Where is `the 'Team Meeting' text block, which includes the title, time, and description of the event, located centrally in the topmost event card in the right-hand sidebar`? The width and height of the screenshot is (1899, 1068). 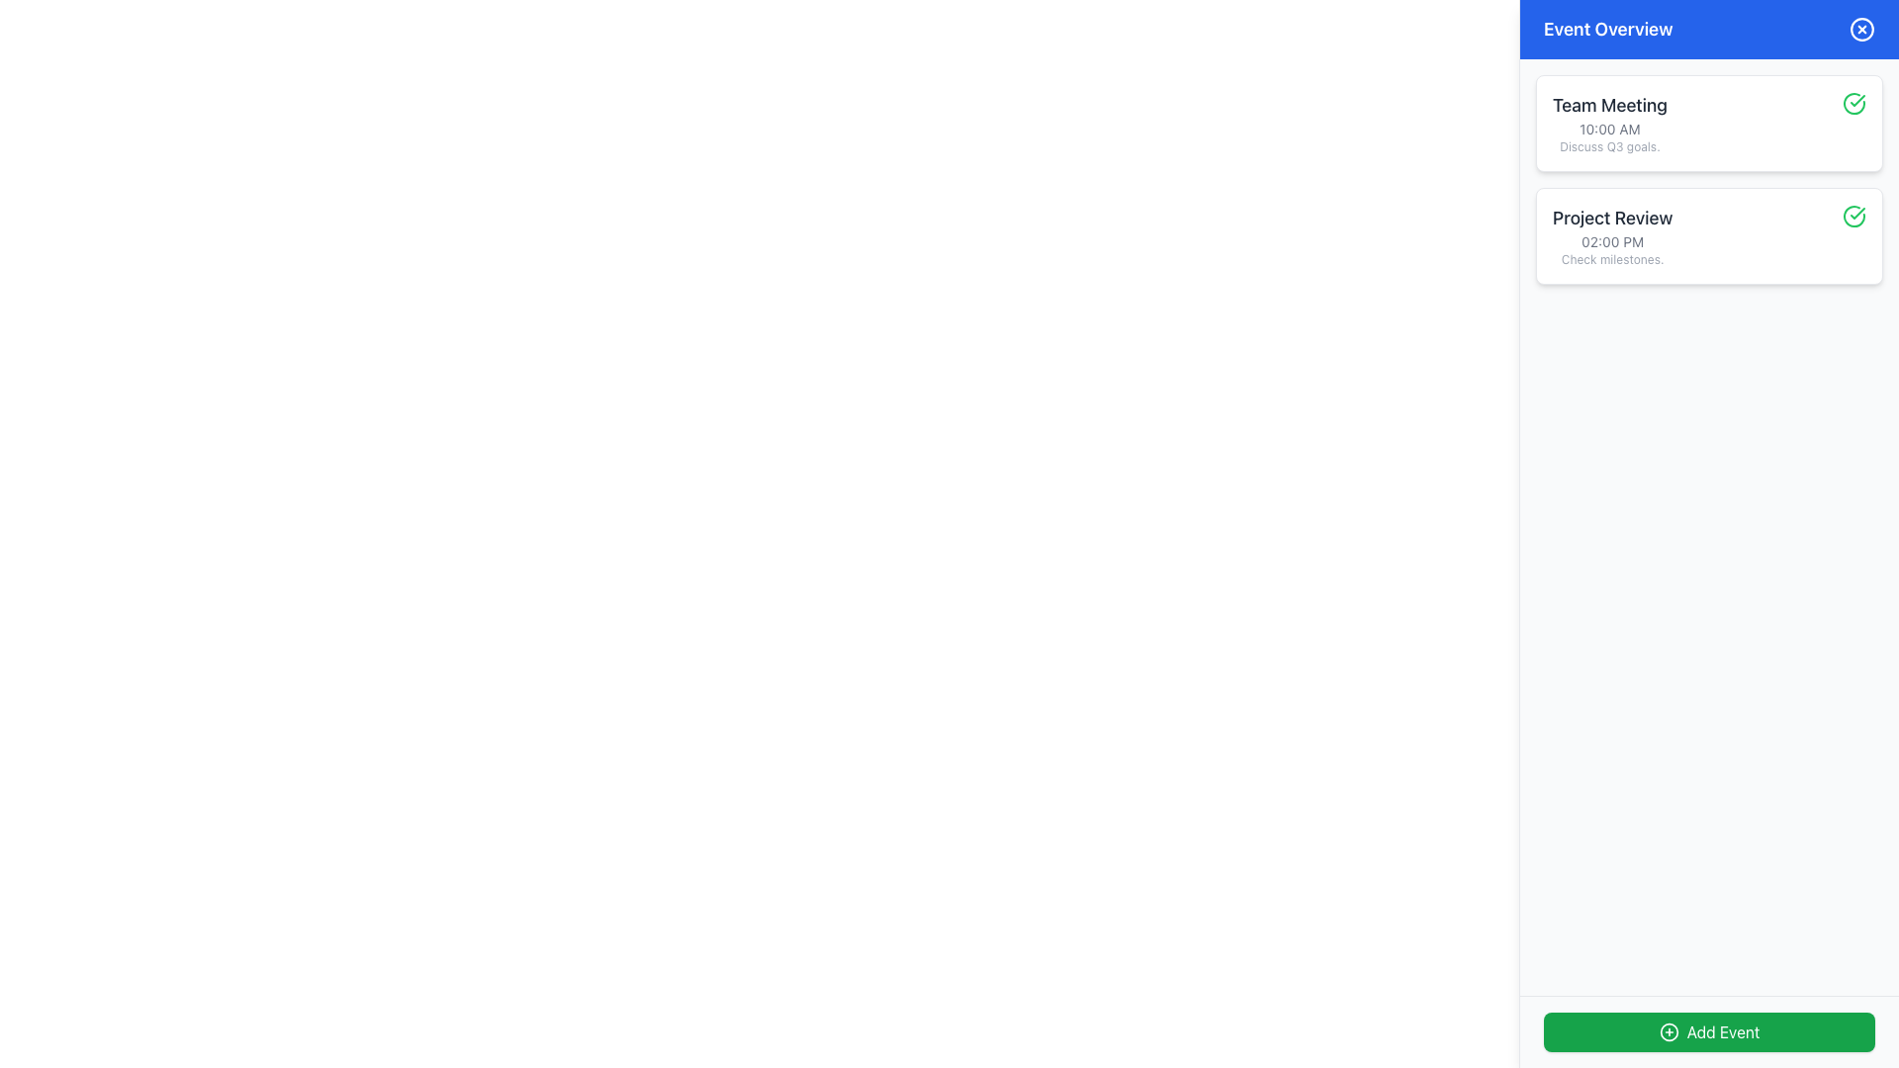
the 'Team Meeting' text block, which includes the title, time, and description of the event, located centrally in the topmost event card in the right-hand sidebar is located at coordinates (1609, 123).